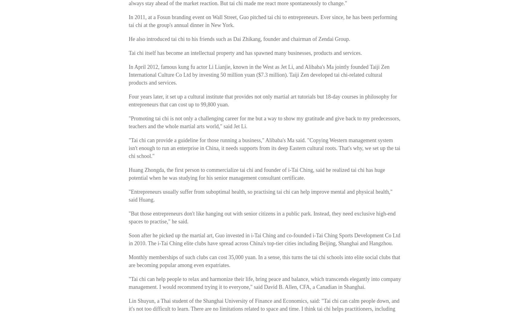 This screenshot has height=314, width=530. What do you see at coordinates (262, 218) in the screenshot?
I see `'"But those entrepreneurs don't like hanging out with senior citizens in a public park. Instead, they need exclusive high-end spaces to practise," he said.'` at bounding box center [262, 218].